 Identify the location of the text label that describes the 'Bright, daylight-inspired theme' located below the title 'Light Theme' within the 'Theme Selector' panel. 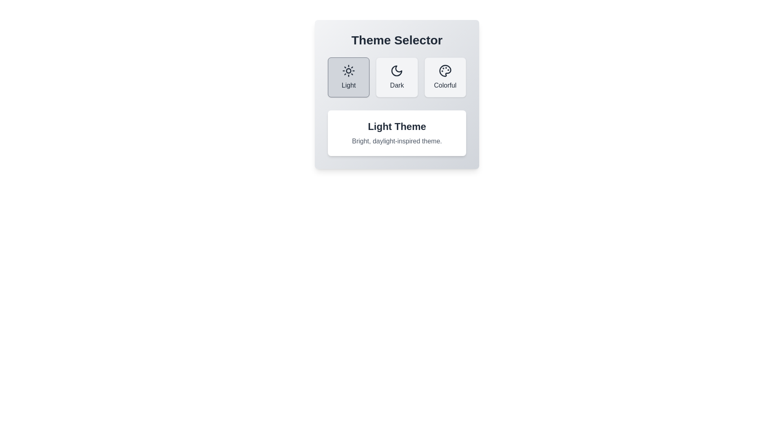
(397, 141).